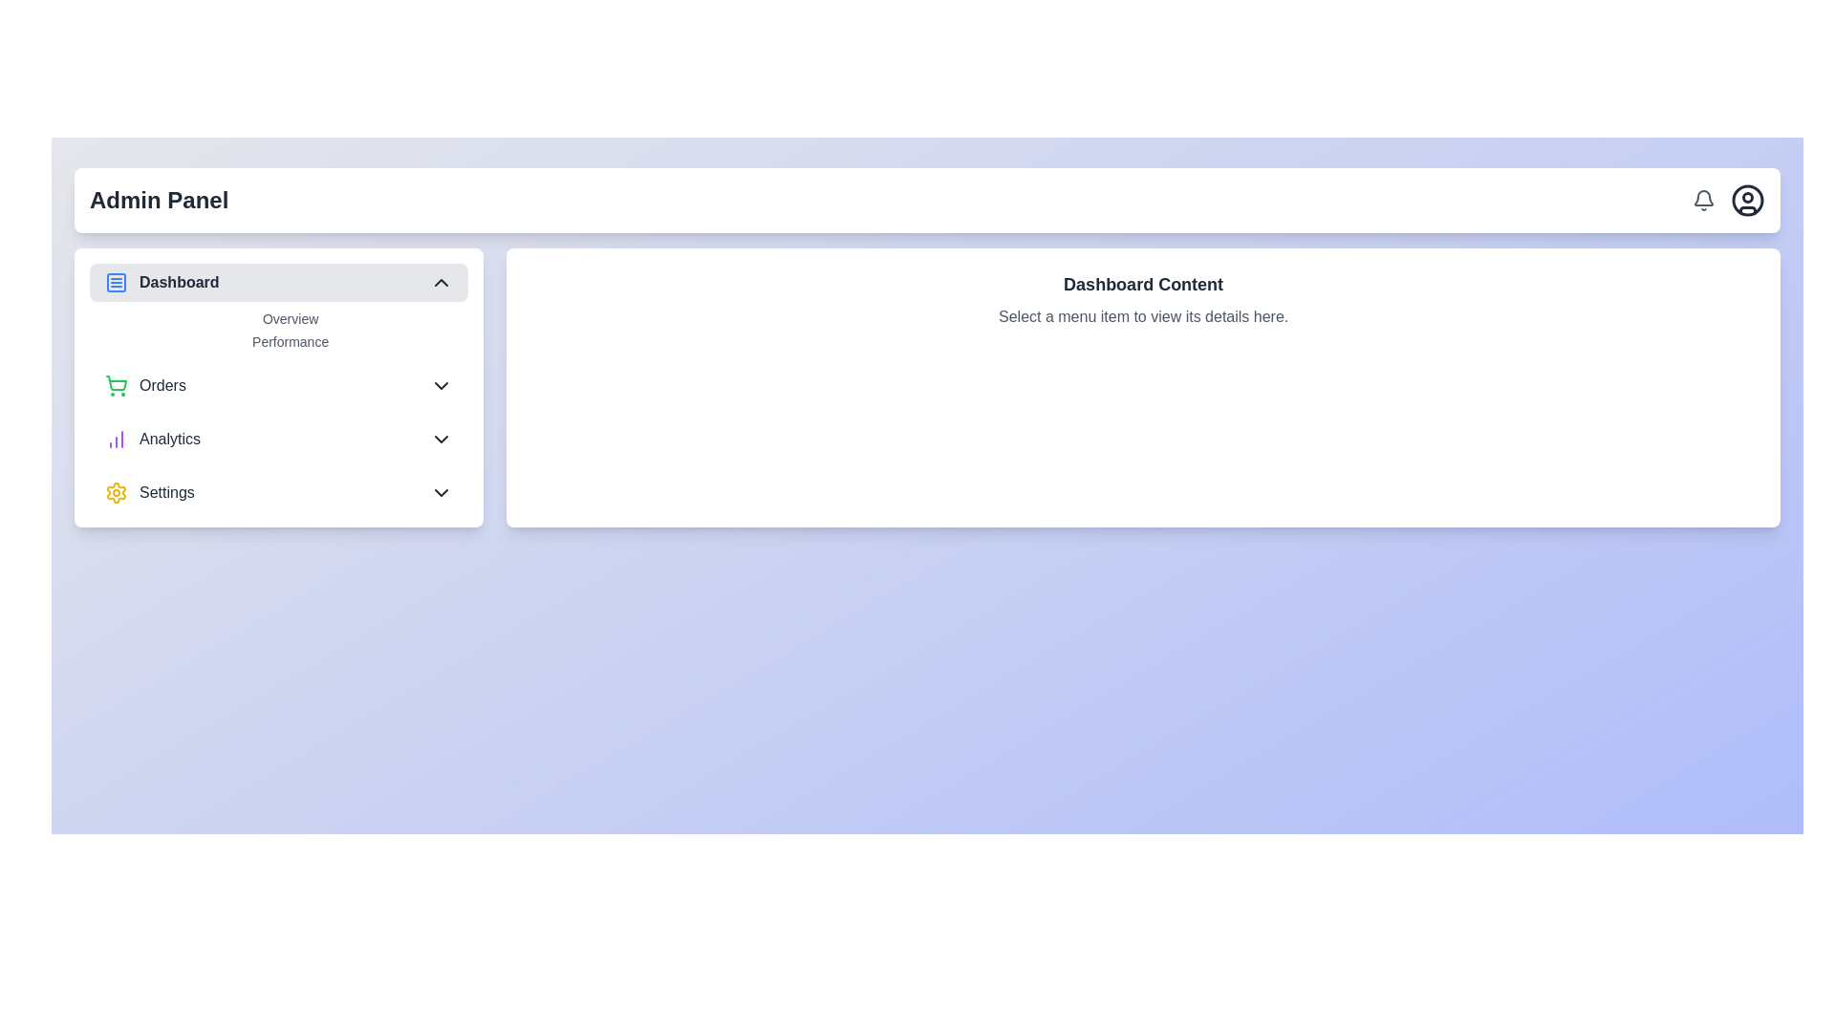  What do you see at coordinates (148, 492) in the screenshot?
I see `the yellow circular gear icon next to the 'Settings' label in the navigation menu` at bounding box center [148, 492].